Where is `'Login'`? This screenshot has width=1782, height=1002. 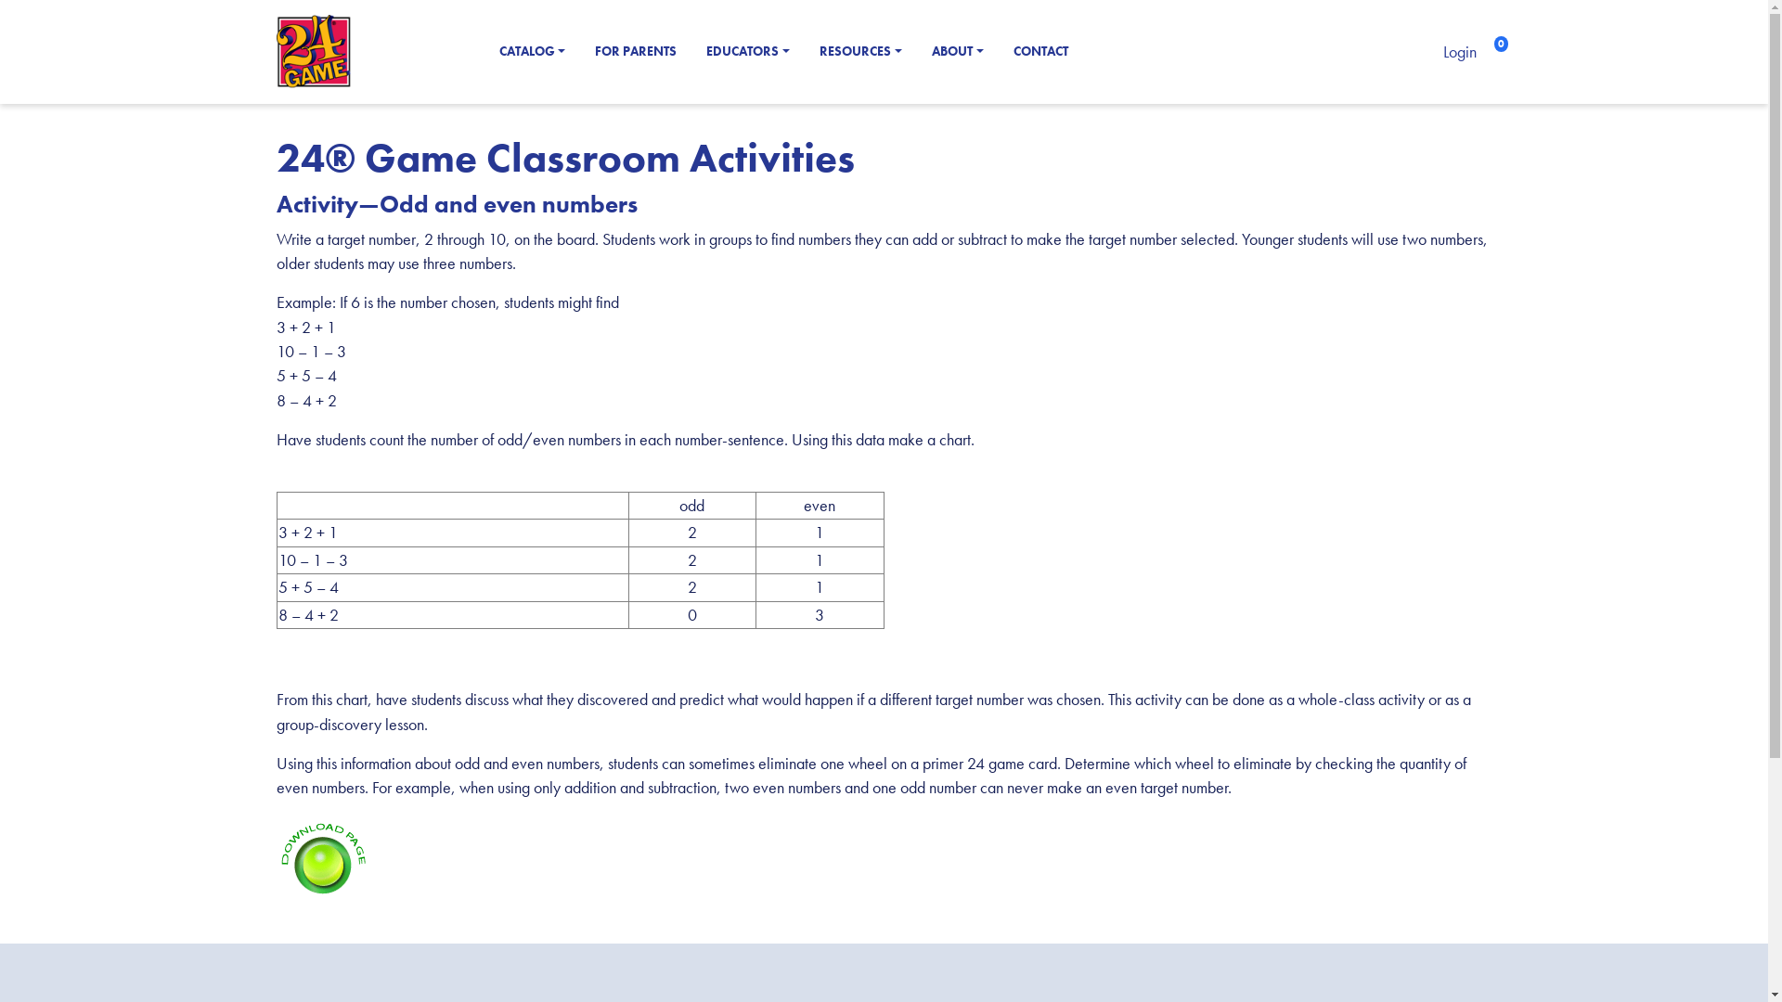
'Login' is located at coordinates (1459, 51).